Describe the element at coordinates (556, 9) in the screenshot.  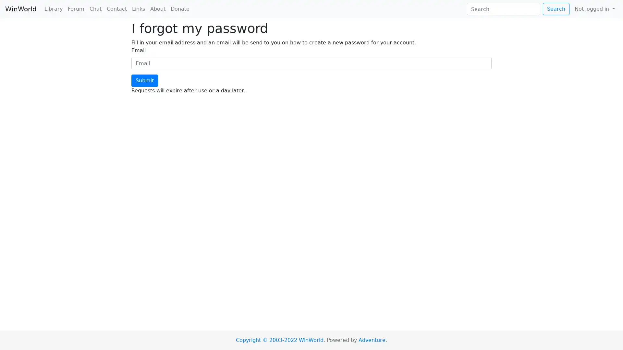
I see `Search` at that location.